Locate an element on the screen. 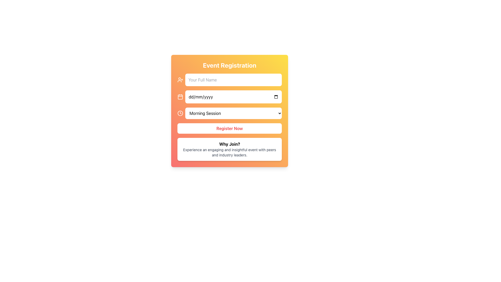 The width and height of the screenshot is (501, 282). the Date Input Field located below the 'Your Full Name' input field and above the 'Morning Session' dropdown is located at coordinates (229, 97).